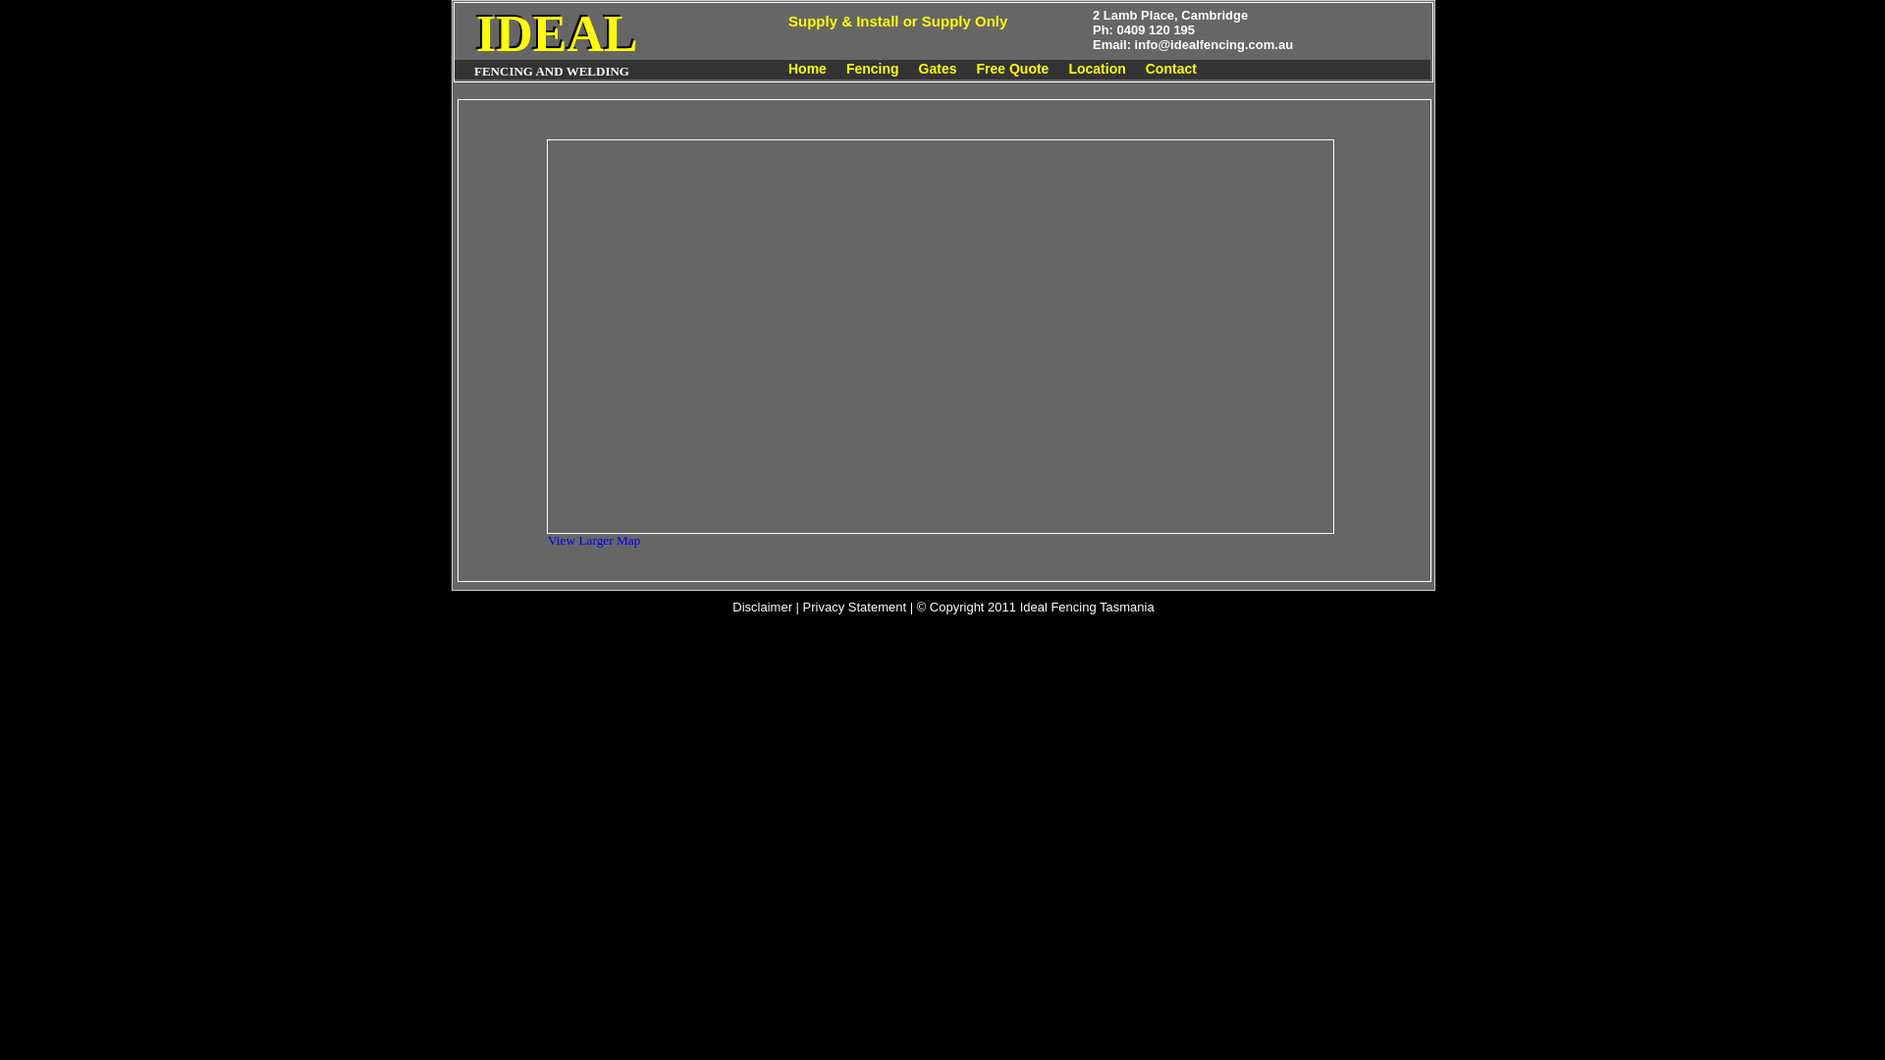 The width and height of the screenshot is (1885, 1060). I want to click on 'Free Quote', so click(1012, 67).